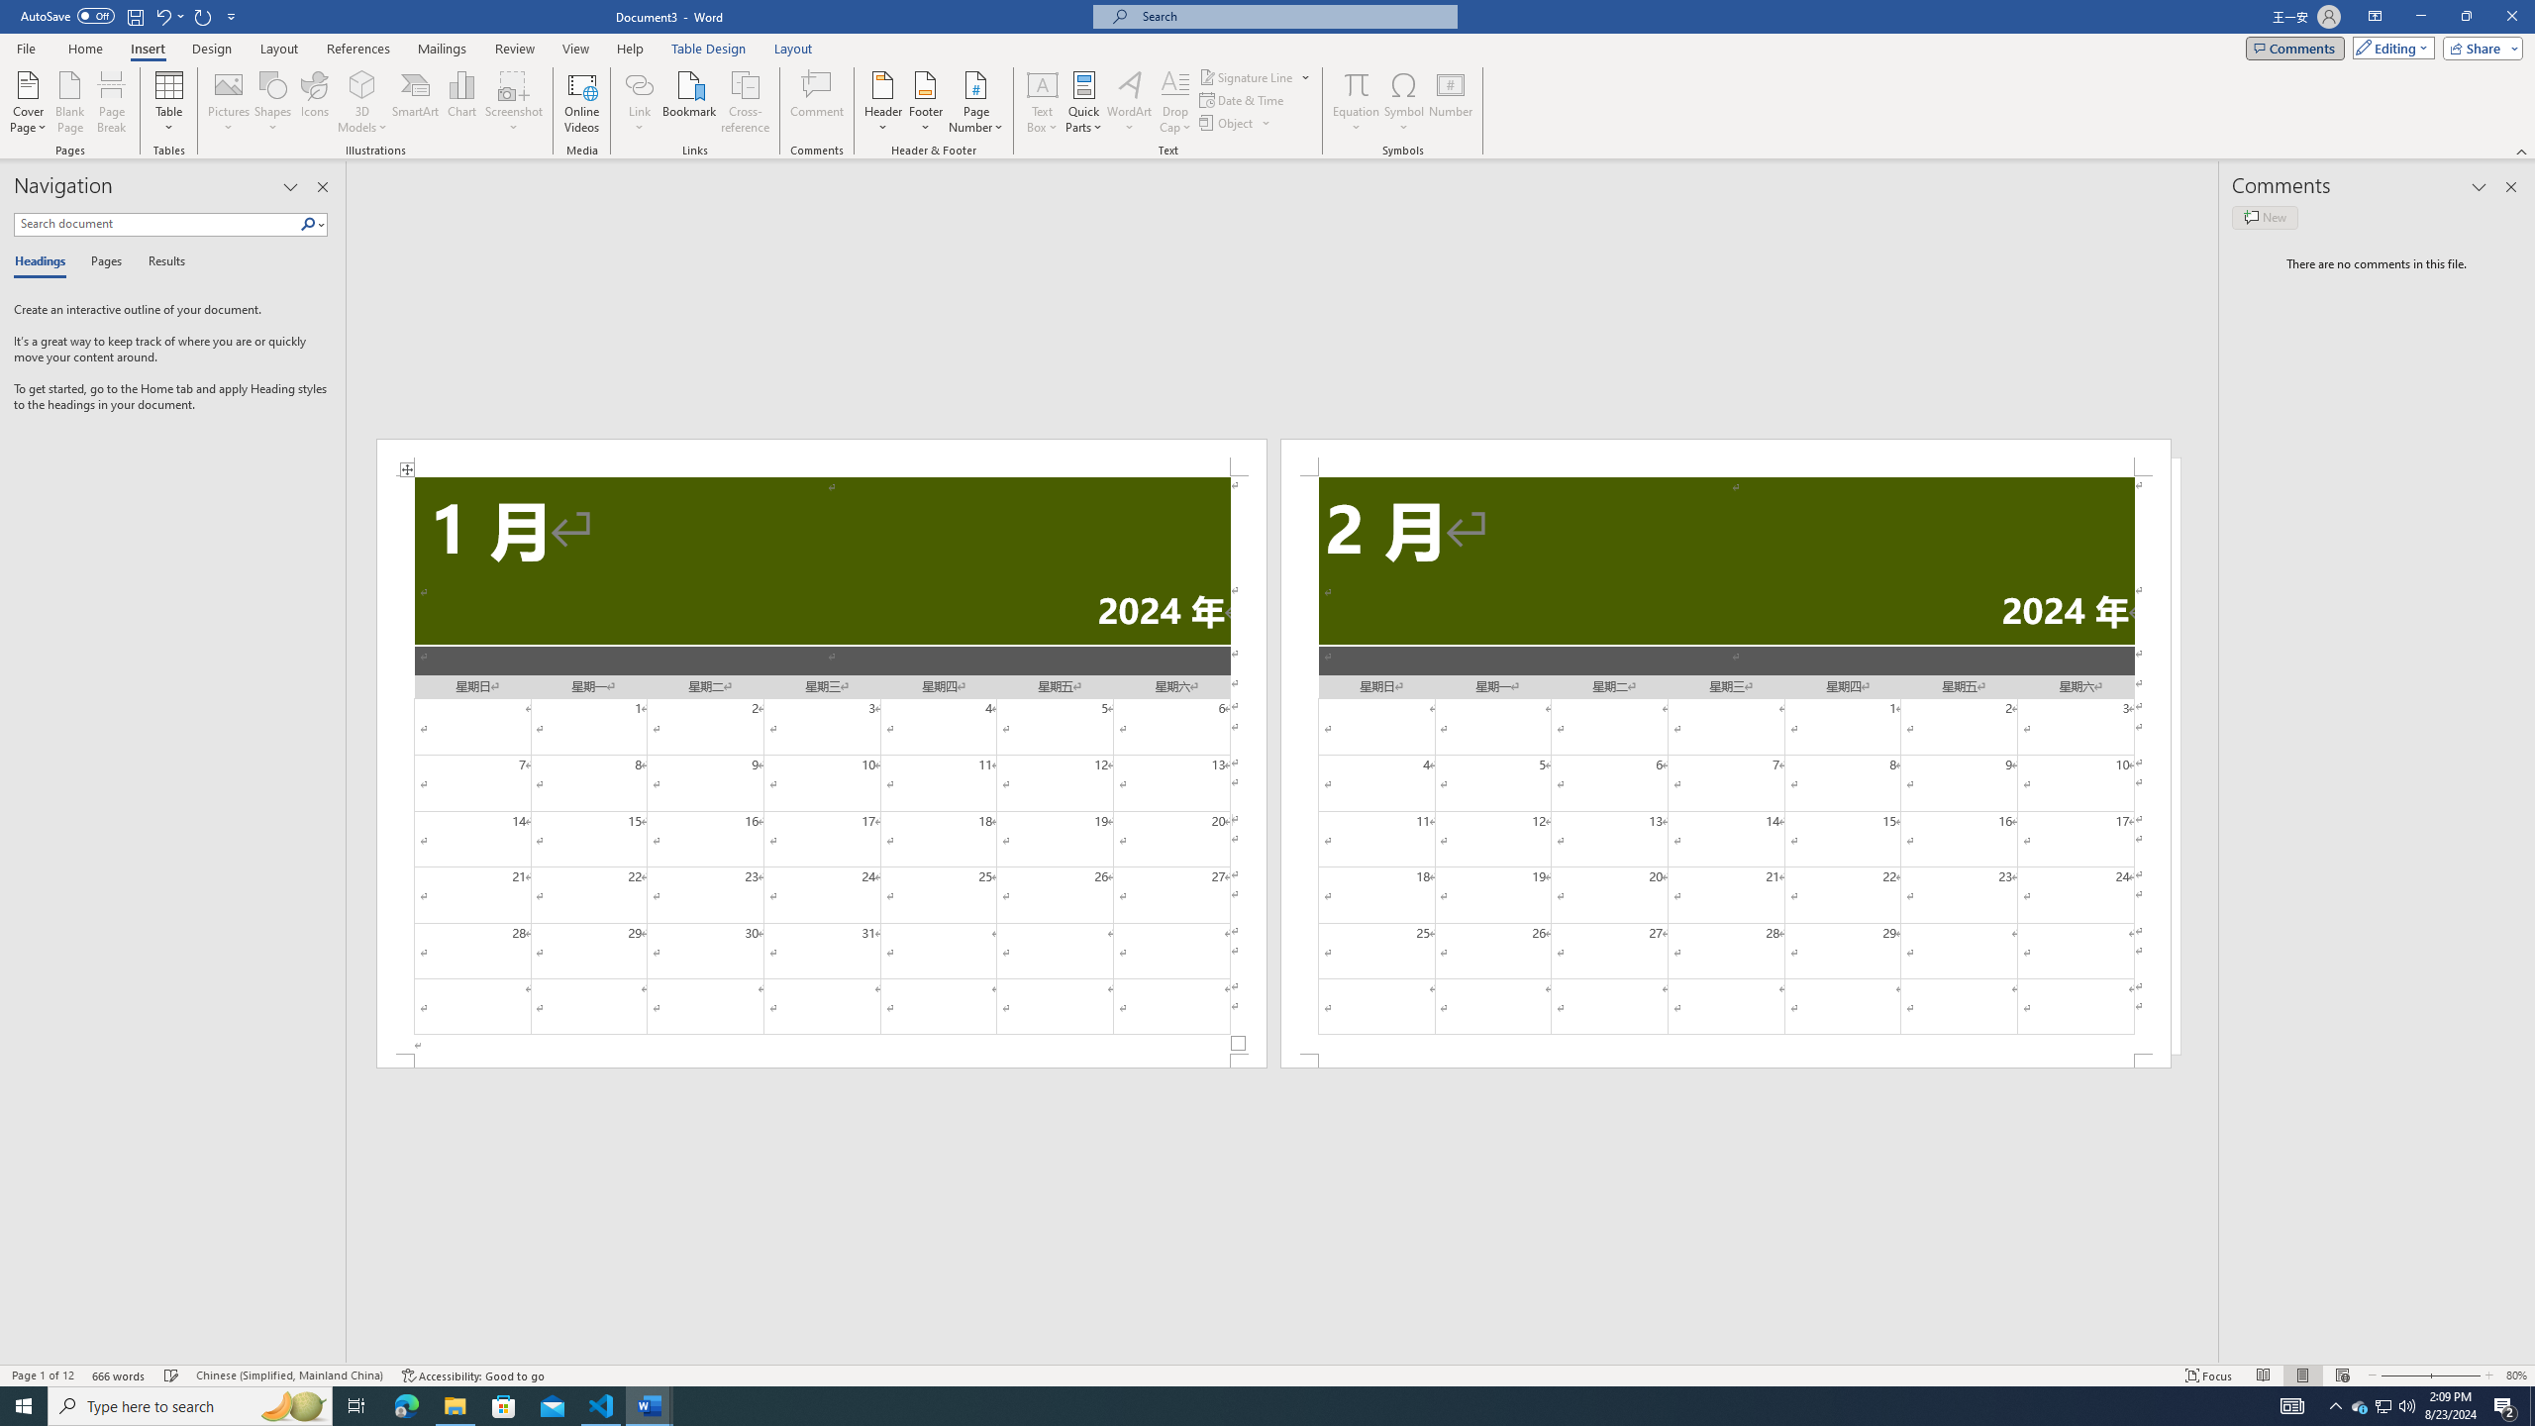  I want to click on 'Repeat Doc Close', so click(203, 15).